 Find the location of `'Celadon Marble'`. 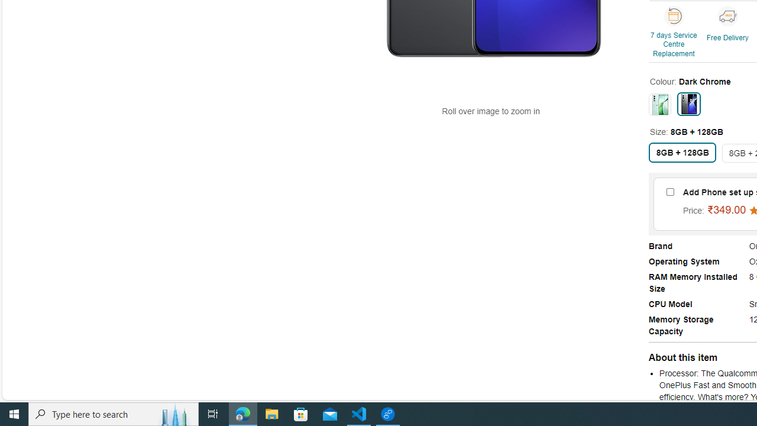

'Celadon Marble' is located at coordinates (659, 104).